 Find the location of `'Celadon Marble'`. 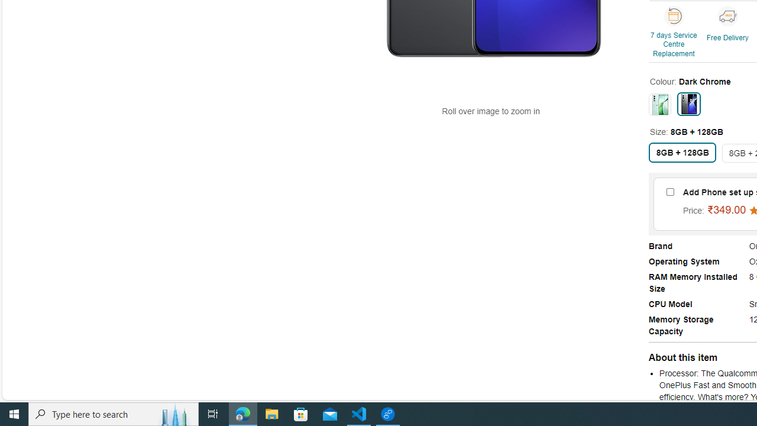

'Celadon Marble' is located at coordinates (659, 104).